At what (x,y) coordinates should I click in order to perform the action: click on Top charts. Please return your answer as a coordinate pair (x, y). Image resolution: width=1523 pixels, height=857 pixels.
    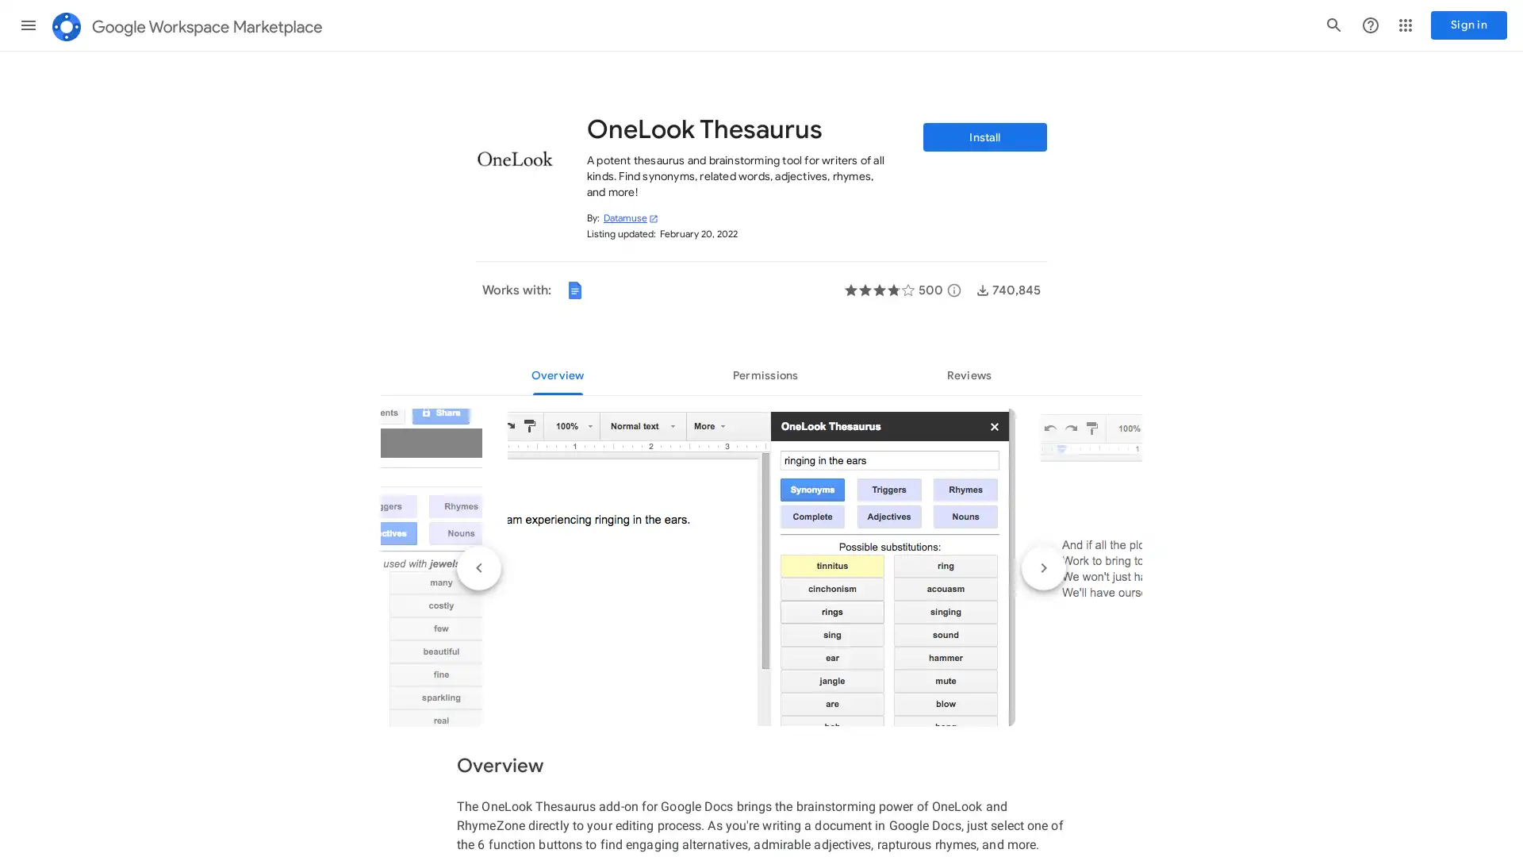
    Looking at the image, I should click on (15, 296).